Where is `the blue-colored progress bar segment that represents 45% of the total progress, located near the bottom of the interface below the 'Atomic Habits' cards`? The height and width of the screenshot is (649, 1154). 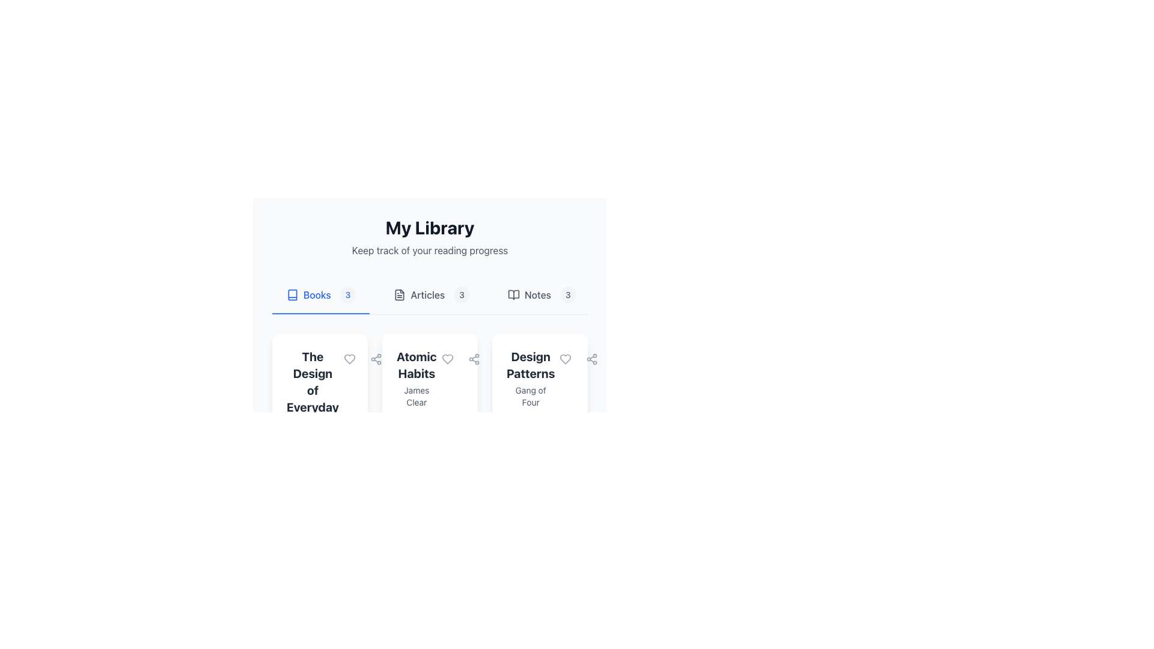
the blue-colored progress bar segment that represents 45% of the total progress, located near the bottom of the interface below the 'Atomic Habits' cards is located at coordinates (412, 437).